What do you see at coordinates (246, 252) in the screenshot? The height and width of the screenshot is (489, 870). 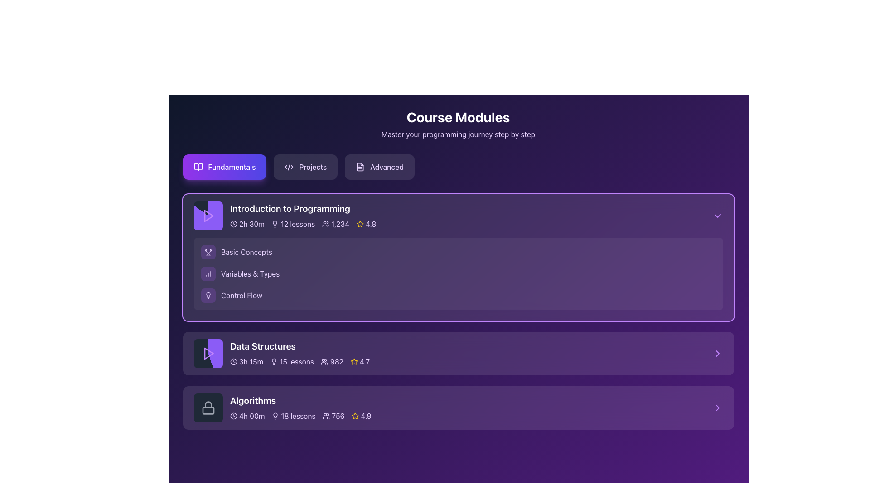 I see `the text label 'Basic Concepts' which identifies a subsection within the 'Introduction to Programming' module` at bounding box center [246, 252].